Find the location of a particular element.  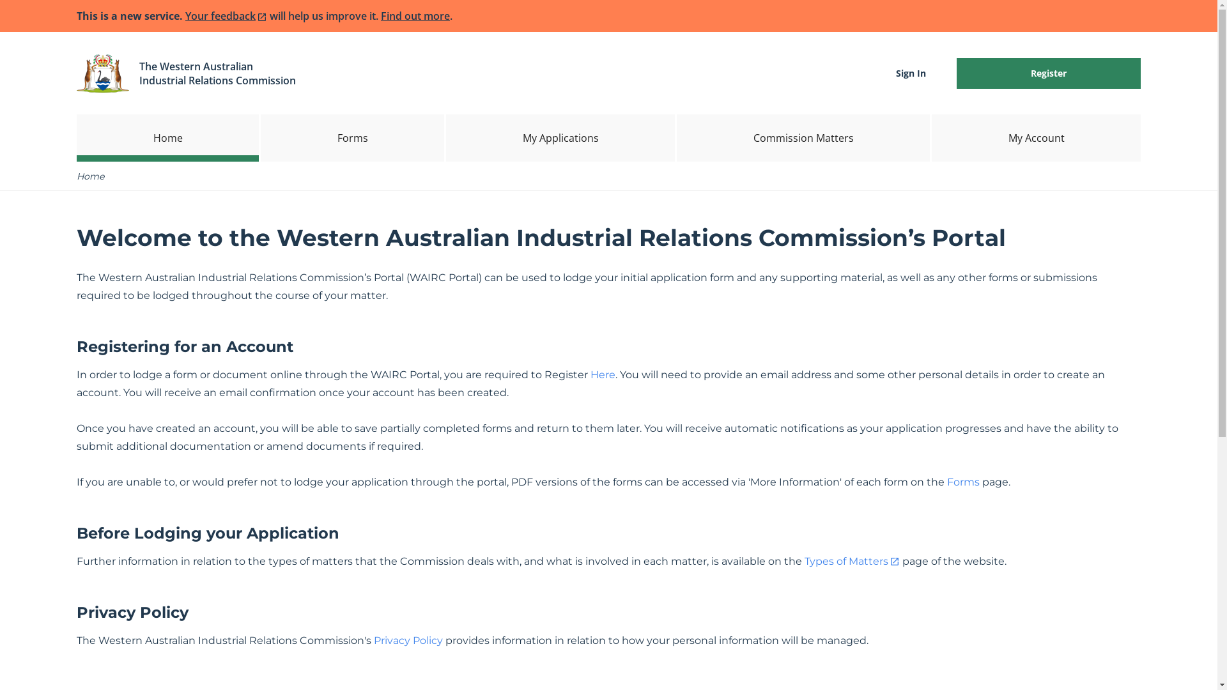

'Find out more' is located at coordinates (380, 15).